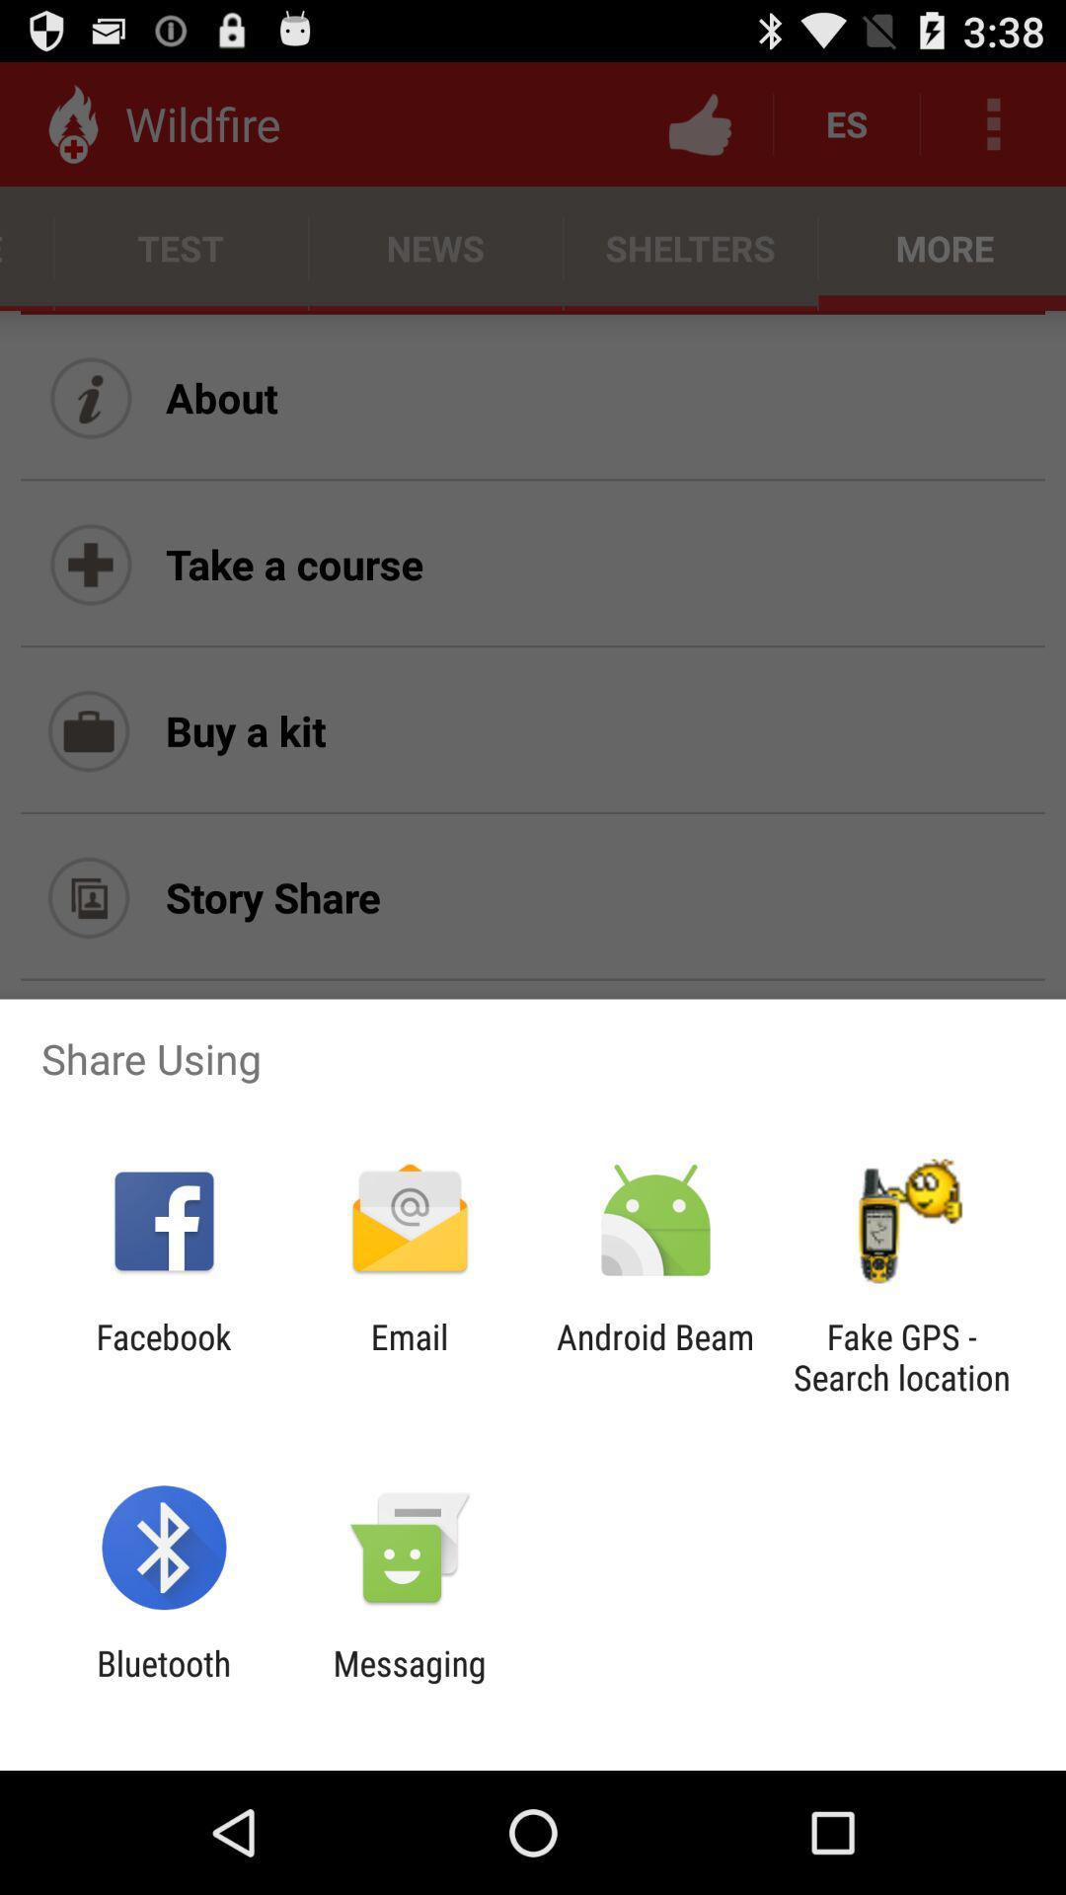 The image size is (1066, 1895). I want to click on the facebook item, so click(163, 1356).